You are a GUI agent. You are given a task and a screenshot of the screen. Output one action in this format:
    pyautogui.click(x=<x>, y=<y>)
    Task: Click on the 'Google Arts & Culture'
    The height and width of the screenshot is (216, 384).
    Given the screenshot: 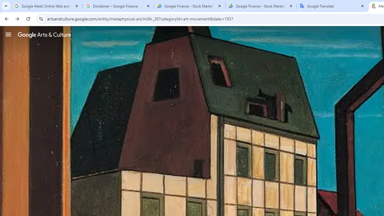 What is the action you would take?
    pyautogui.click(x=44, y=34)
    